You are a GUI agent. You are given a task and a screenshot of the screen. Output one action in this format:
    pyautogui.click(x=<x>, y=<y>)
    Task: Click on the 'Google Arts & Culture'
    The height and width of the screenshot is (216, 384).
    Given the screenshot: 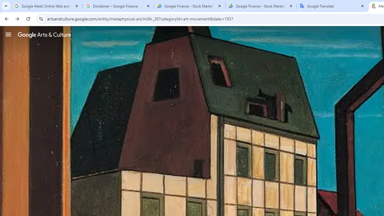 What is the action you would take?
    pyautogui.click(x=44, y=34)
    